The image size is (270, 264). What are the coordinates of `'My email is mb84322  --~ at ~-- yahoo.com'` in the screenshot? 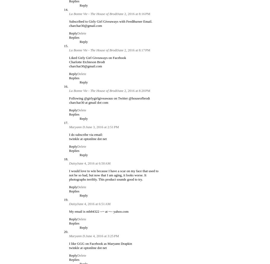 It's located at (99, 211).